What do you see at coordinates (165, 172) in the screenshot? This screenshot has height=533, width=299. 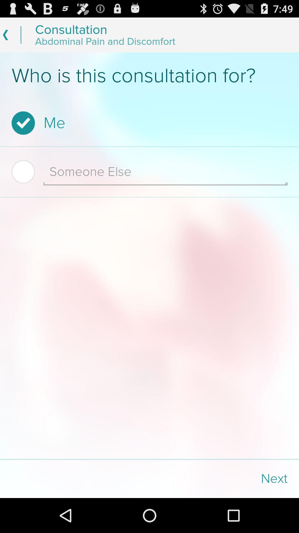 I see `item below the me checkbox` at bounding box center [165, 172].